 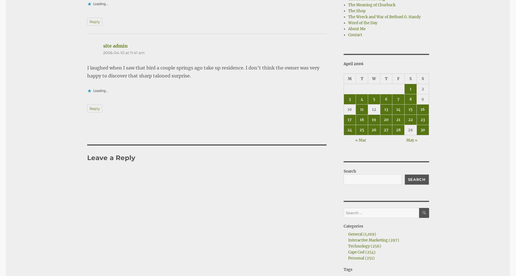 What do you see at coordinates (362, 130) in the screenshot?
I see `'25'` at bounding box center [362, 130].